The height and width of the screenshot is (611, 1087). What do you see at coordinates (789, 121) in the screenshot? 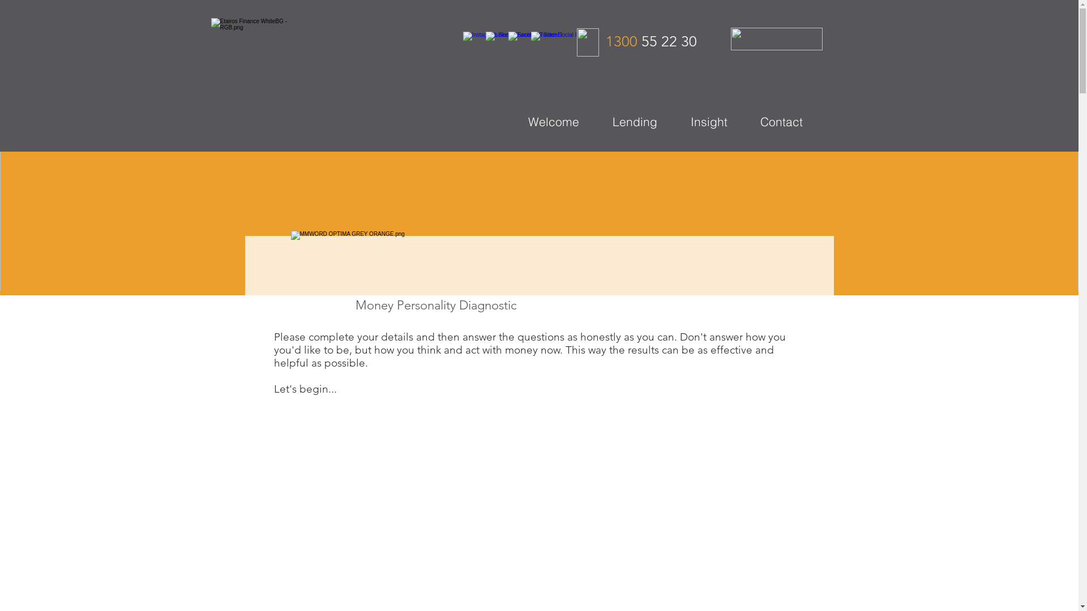
I see `'Contact'` at bounding box center [789, 121].